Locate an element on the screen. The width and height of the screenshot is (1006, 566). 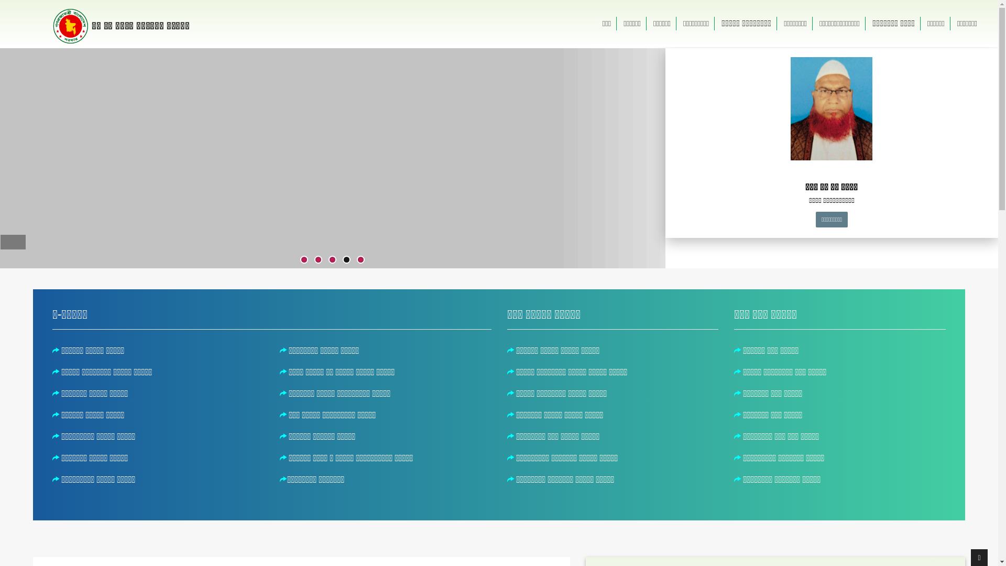
'2' is located at coordinates (318, 259).